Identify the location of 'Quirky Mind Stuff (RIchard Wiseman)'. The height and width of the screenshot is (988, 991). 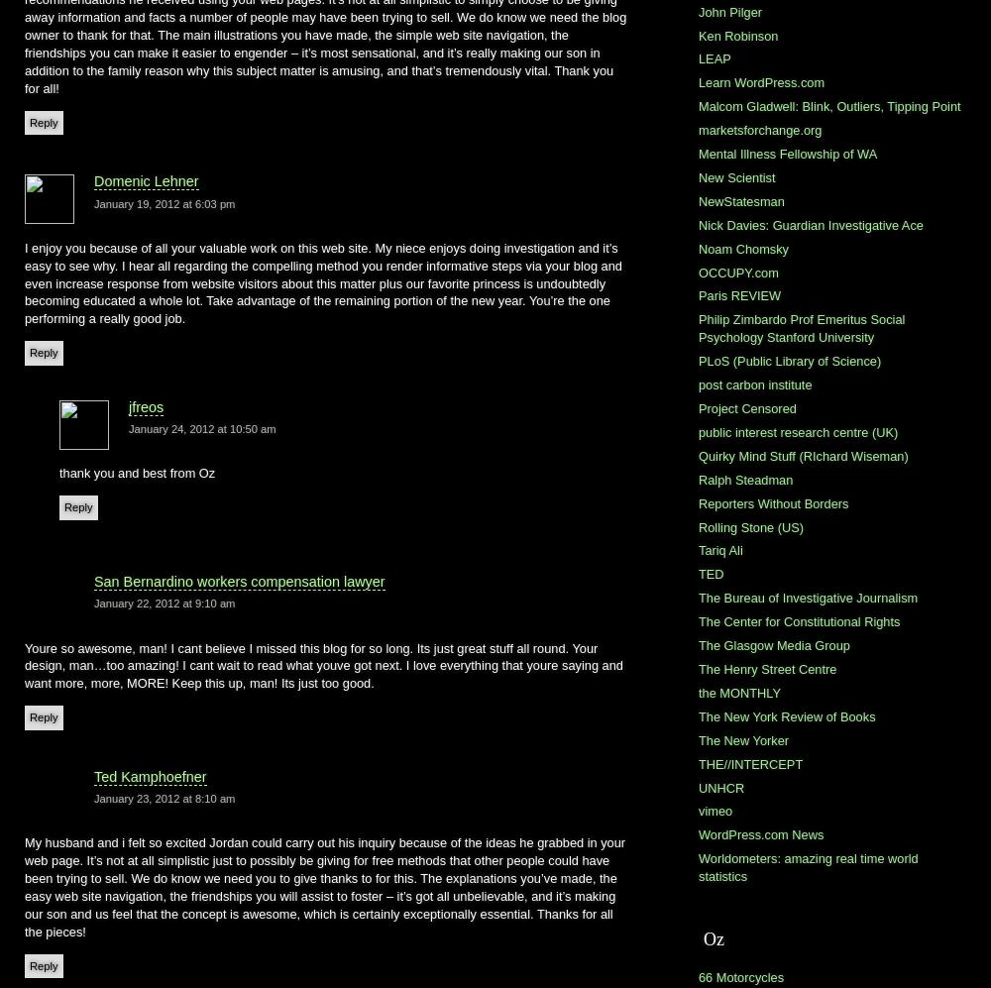
(803, 455).